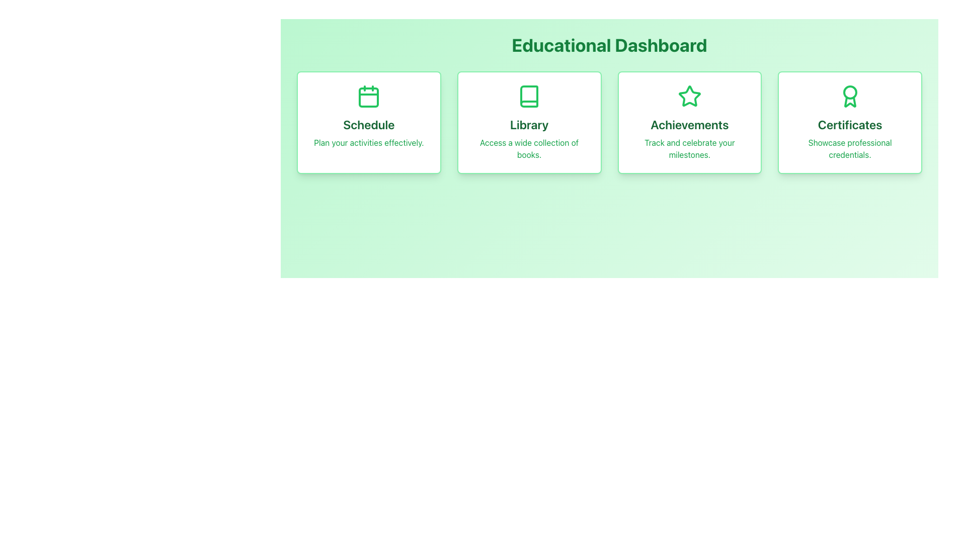  I want to click on the static text element that serves as the title for the 'Certificates' section, located in the fourth panel of the dashboard, so click(849, 124).